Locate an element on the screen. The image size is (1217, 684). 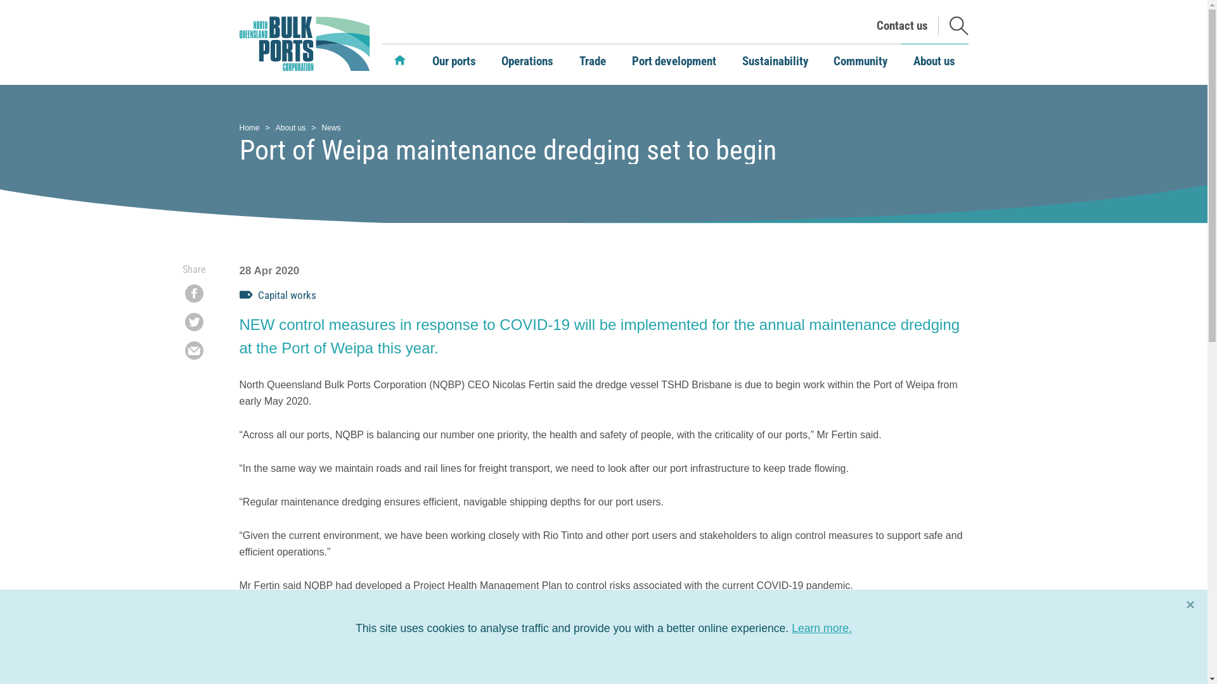
'Share by Email' is located at coordinates (193, 352).